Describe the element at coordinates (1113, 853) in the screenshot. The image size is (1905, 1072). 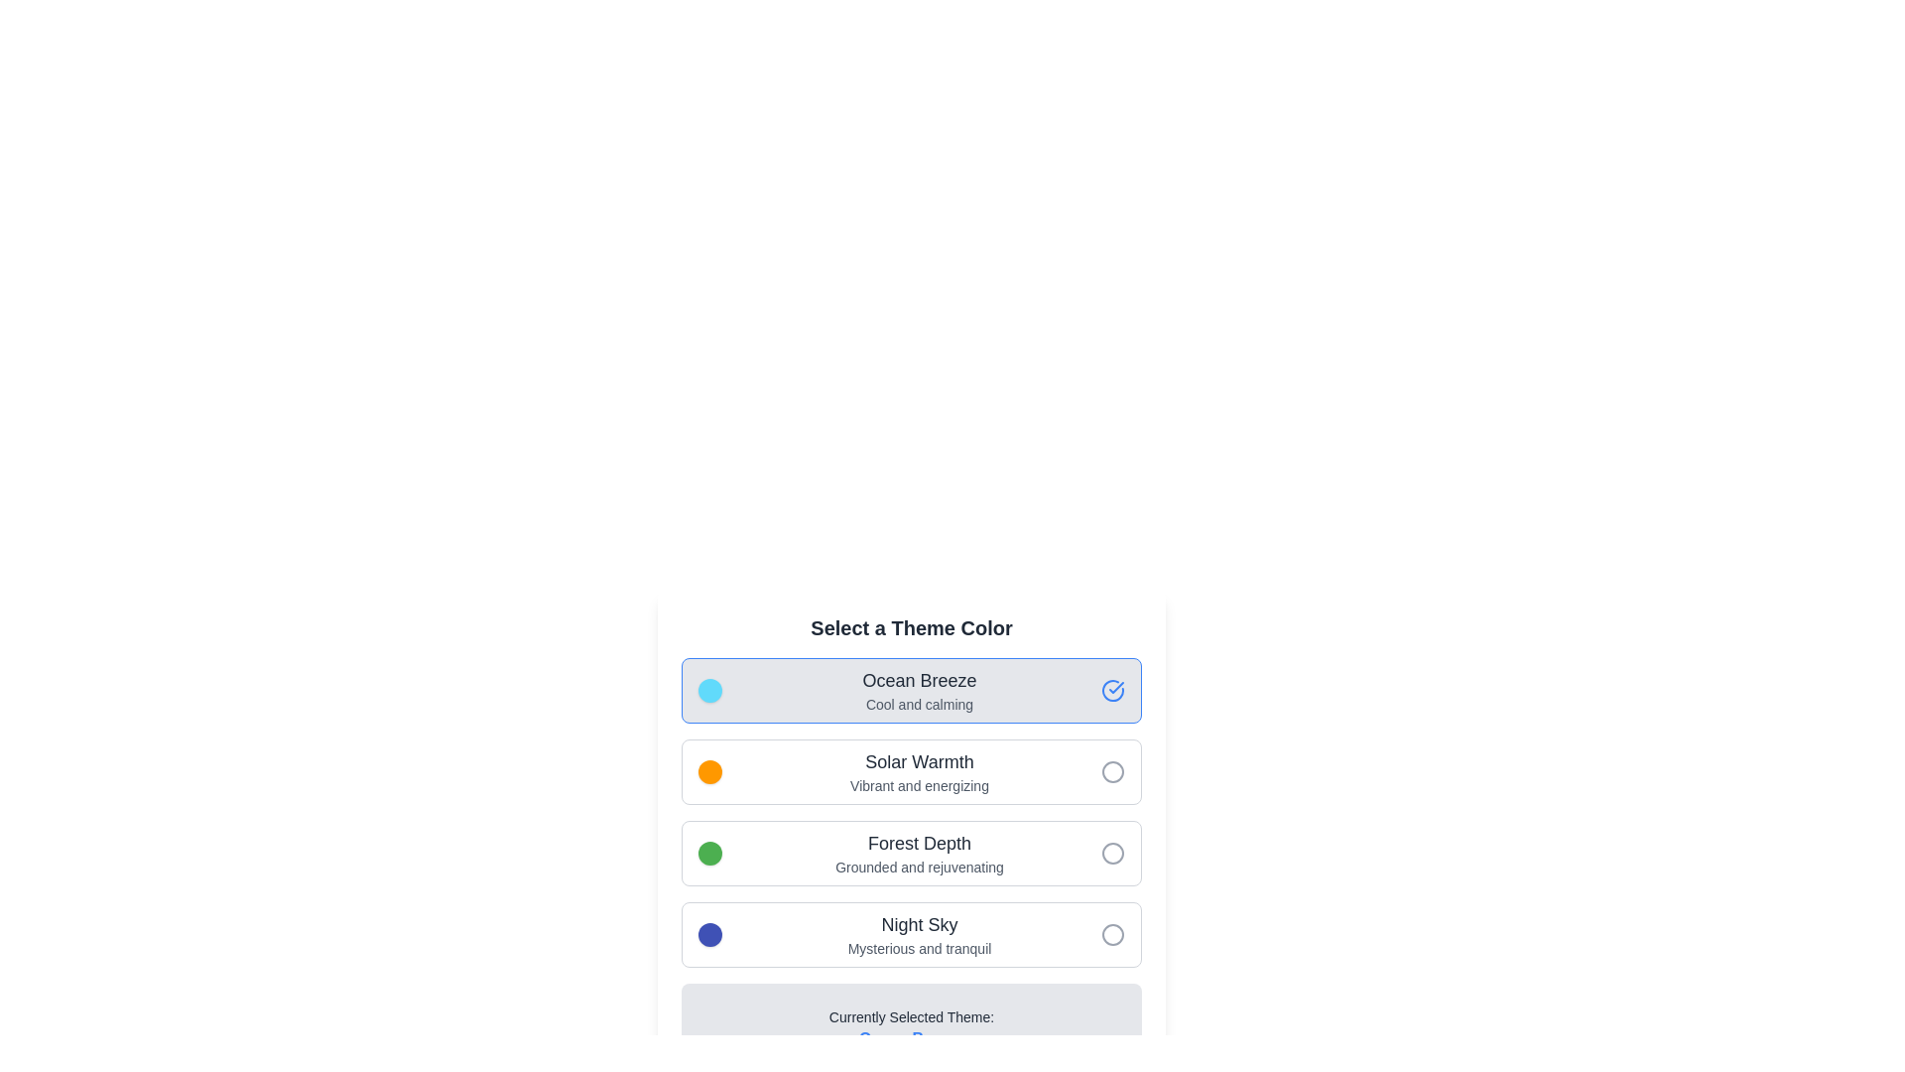
I see `the Circular selection indicator for the 'Forest Depth' theme option` at that location.